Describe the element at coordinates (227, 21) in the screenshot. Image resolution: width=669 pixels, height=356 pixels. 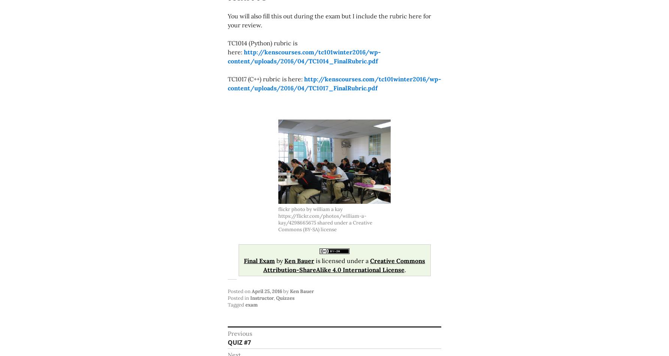
I see `'You will also fill this out during the exam but I include the rubric here for your review.'` at that location.